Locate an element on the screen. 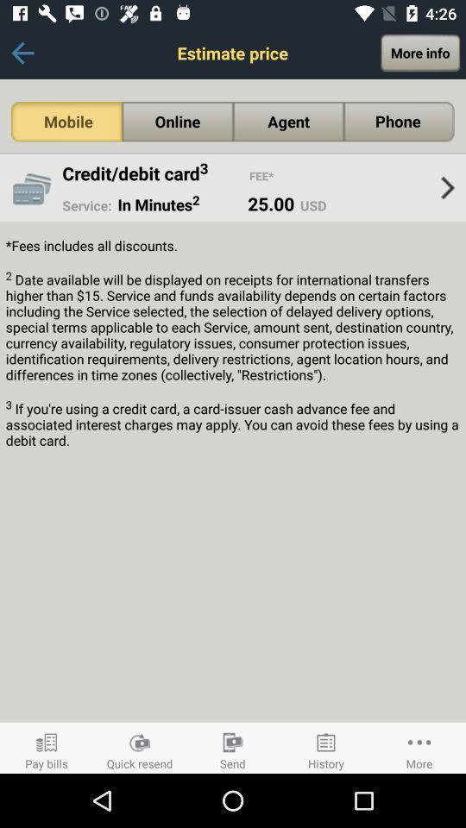  more is located at coordinates (419, 747).